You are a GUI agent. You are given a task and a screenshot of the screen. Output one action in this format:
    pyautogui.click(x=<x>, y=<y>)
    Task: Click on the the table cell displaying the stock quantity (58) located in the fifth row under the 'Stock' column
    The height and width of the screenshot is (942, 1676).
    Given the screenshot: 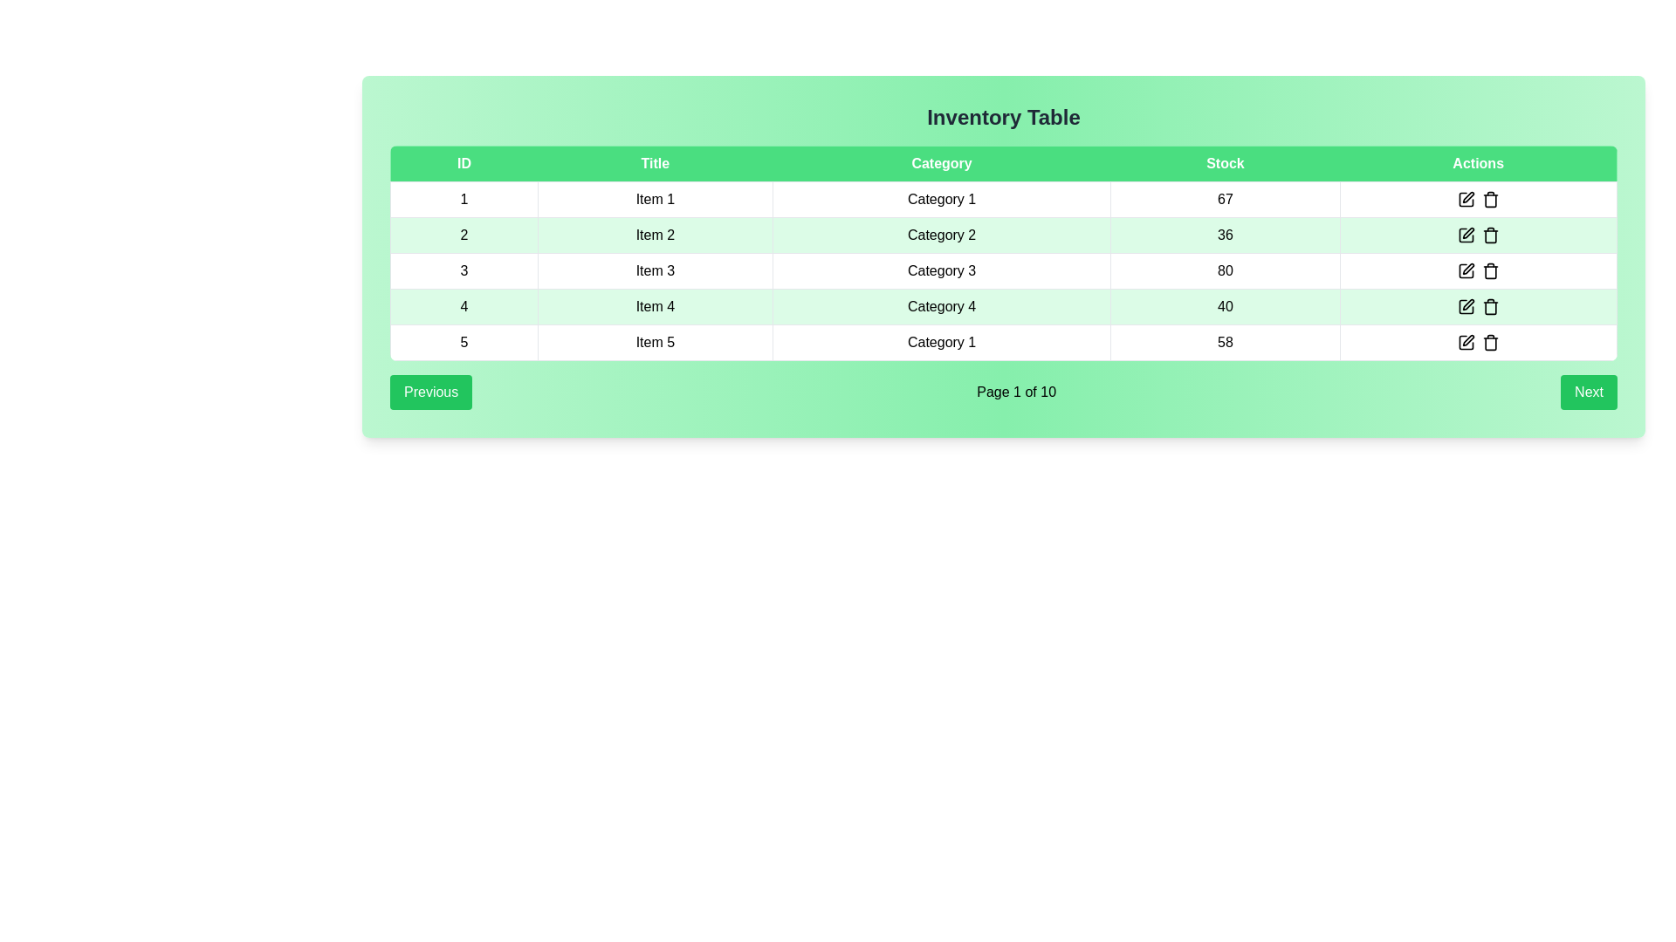 What is the action you would take?
    pyautogui.click(x=1224, y=343)
    